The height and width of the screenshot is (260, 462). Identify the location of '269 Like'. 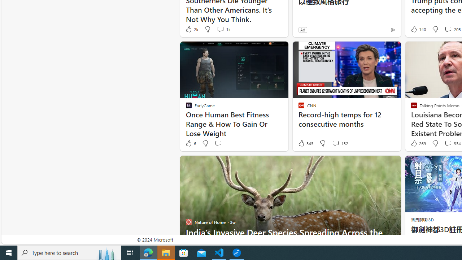
(418, 143).